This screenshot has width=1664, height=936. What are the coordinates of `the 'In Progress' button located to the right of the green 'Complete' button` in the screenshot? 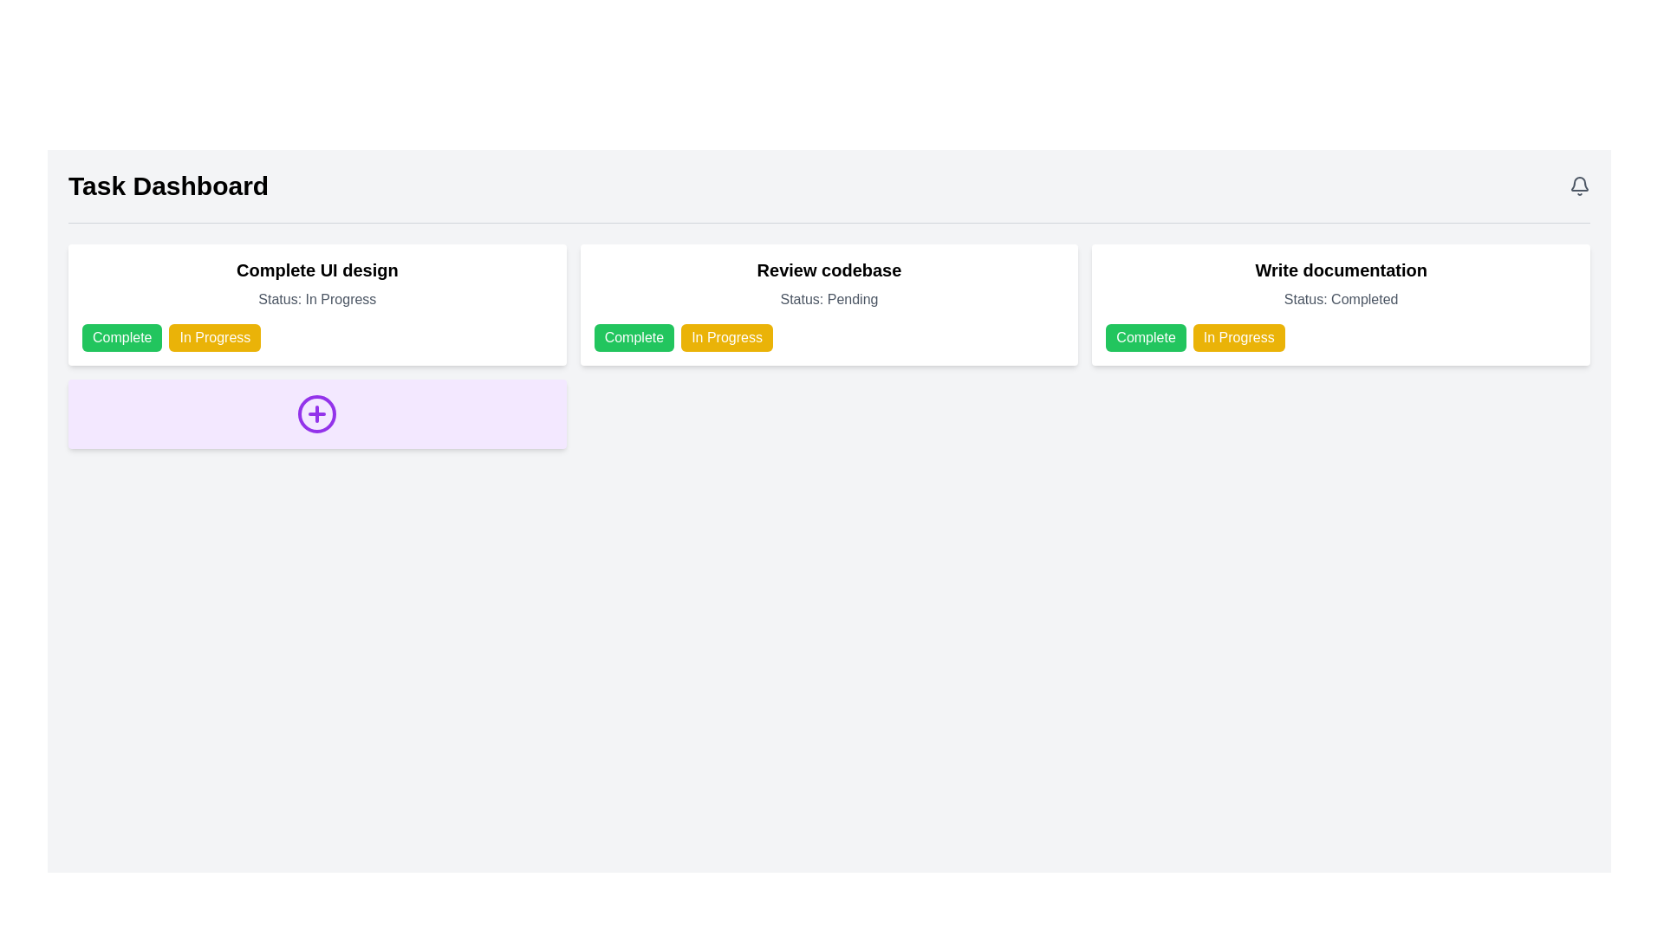 It's located at (1238, 337).